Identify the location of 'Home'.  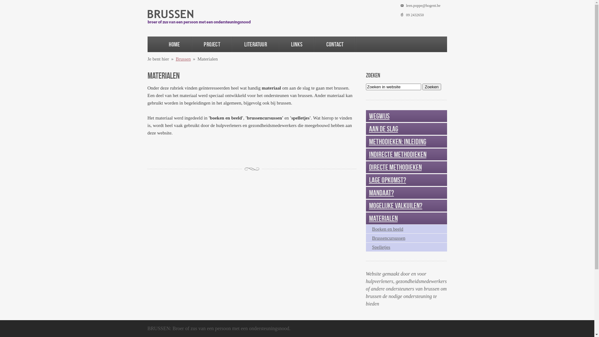
(174, 44).